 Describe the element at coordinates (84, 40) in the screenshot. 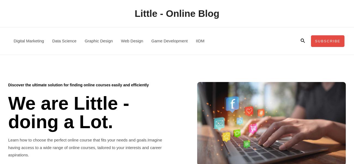

I see `'Graphic Design'` at that location.